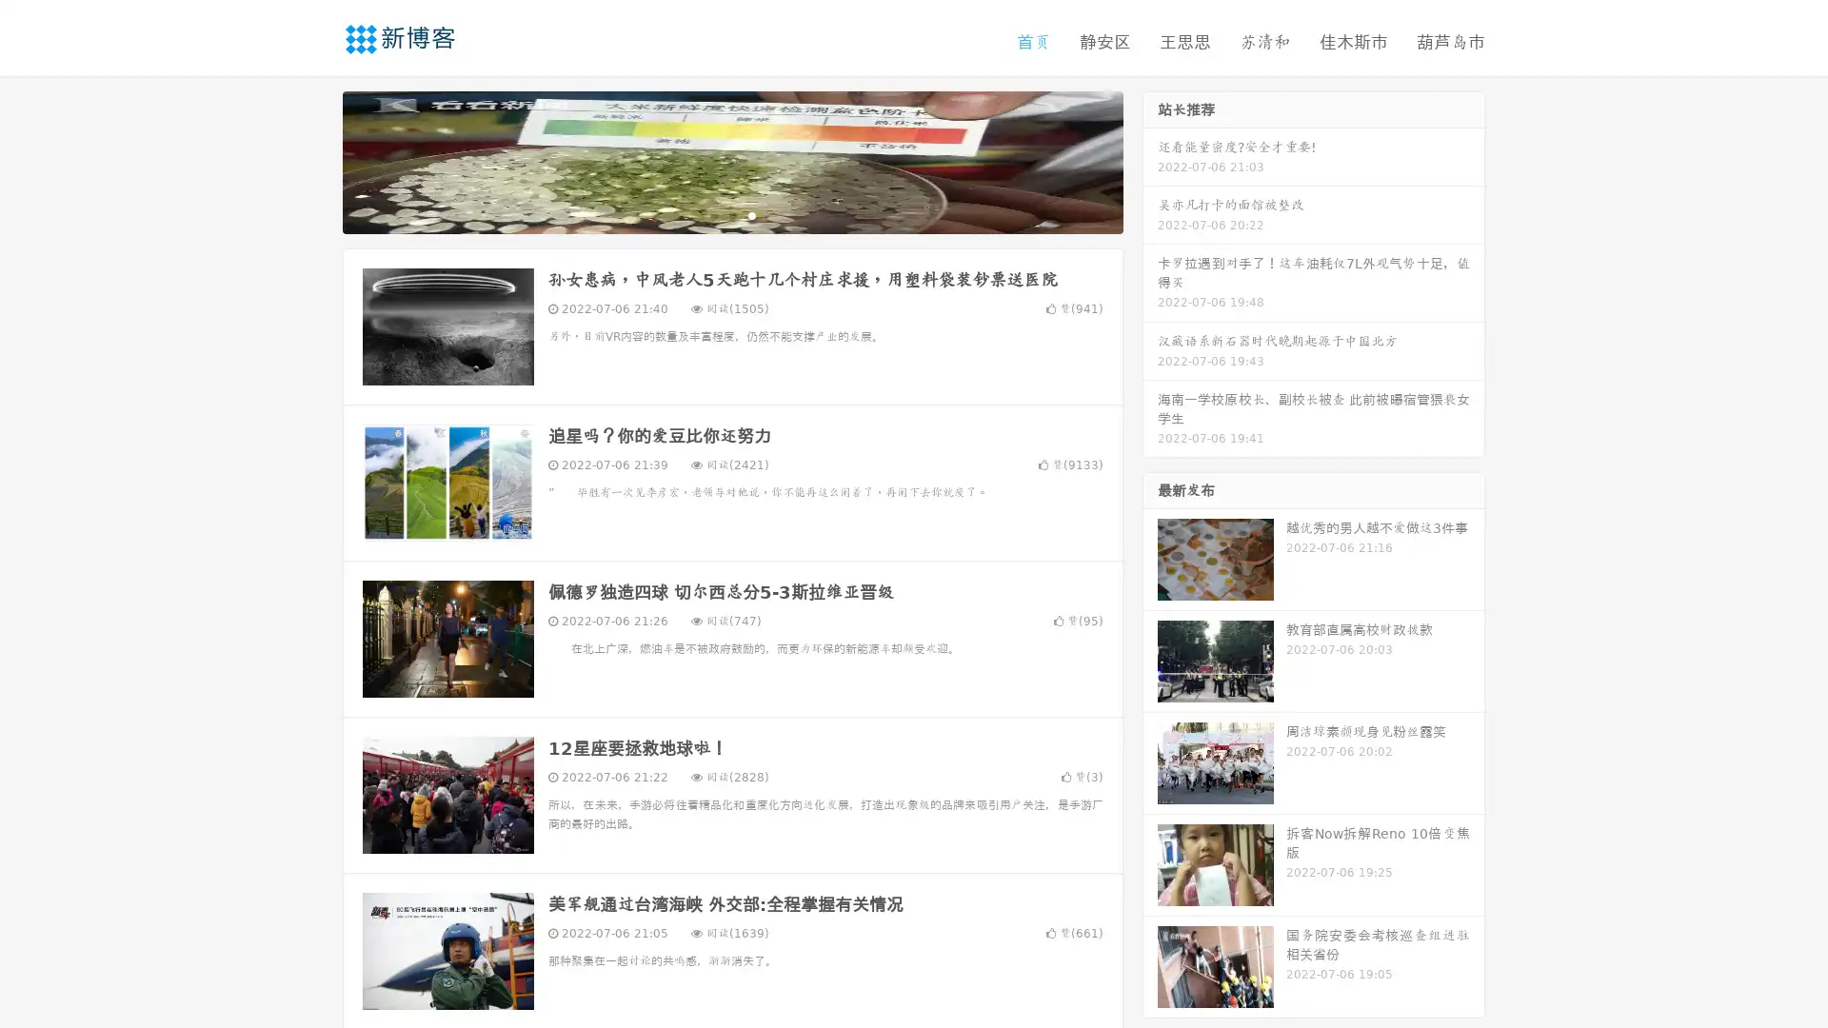  What do you see at coordinates (314, 160) in the screenshot?
I see `Previous slide` at bounding box center [314, 160].